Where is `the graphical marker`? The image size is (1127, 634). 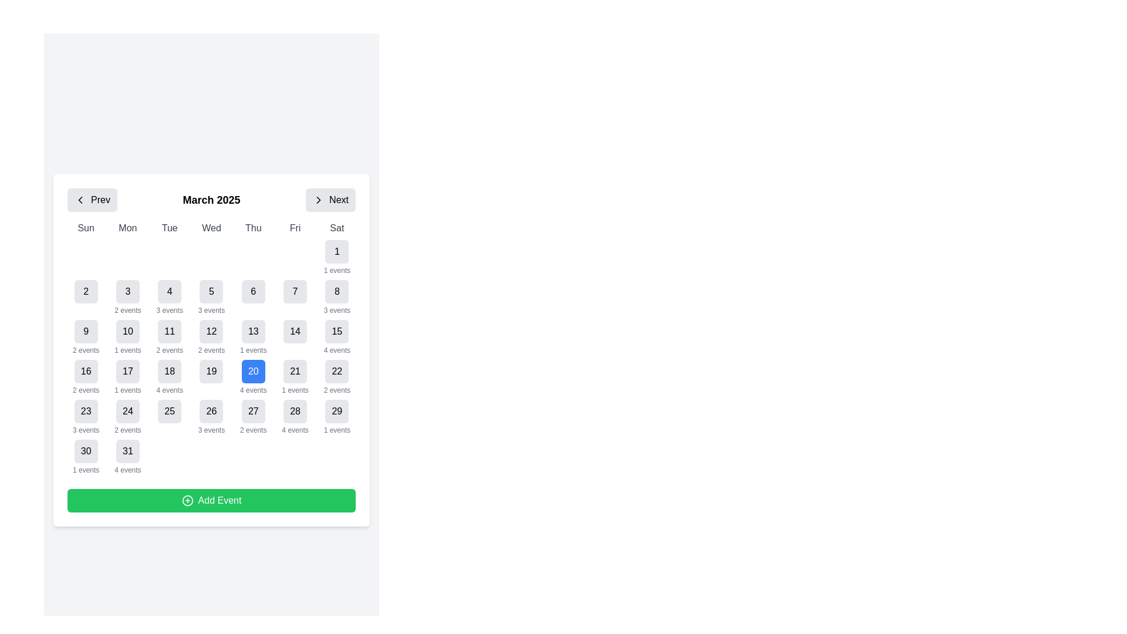 the graphical marker is located at coordinates (252, 257).